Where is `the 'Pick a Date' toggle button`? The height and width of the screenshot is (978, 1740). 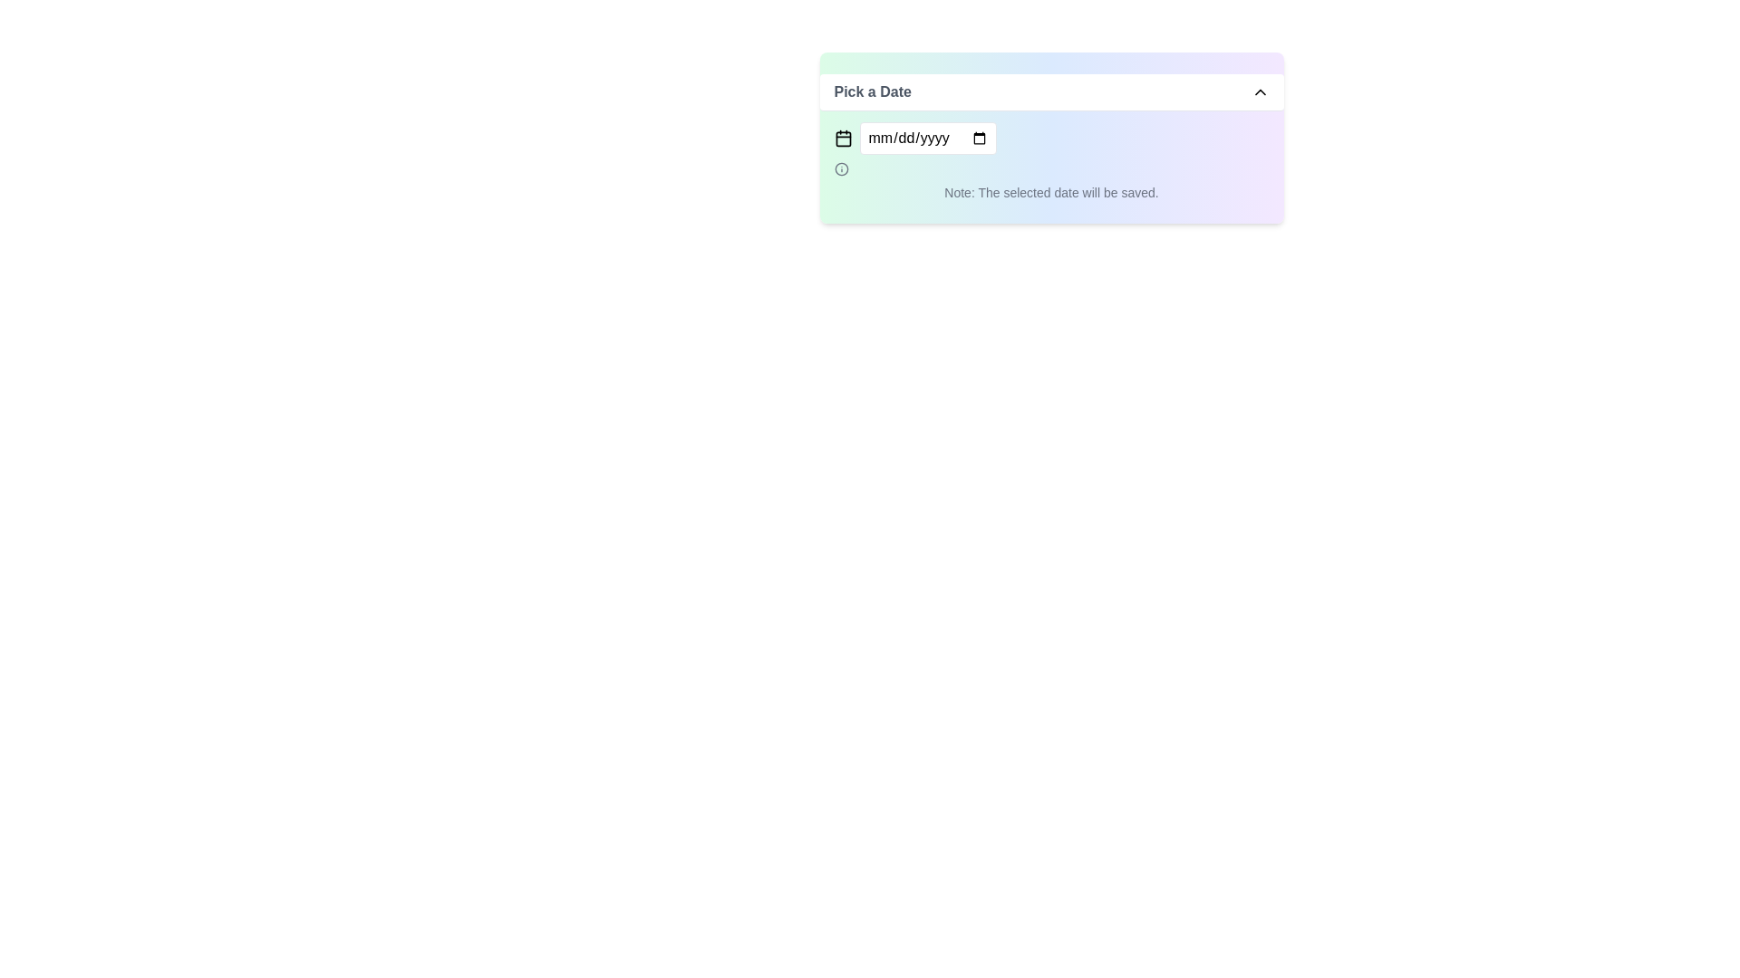
the 'Pick a Date' toggle button is located at coordinates (1051, 92).